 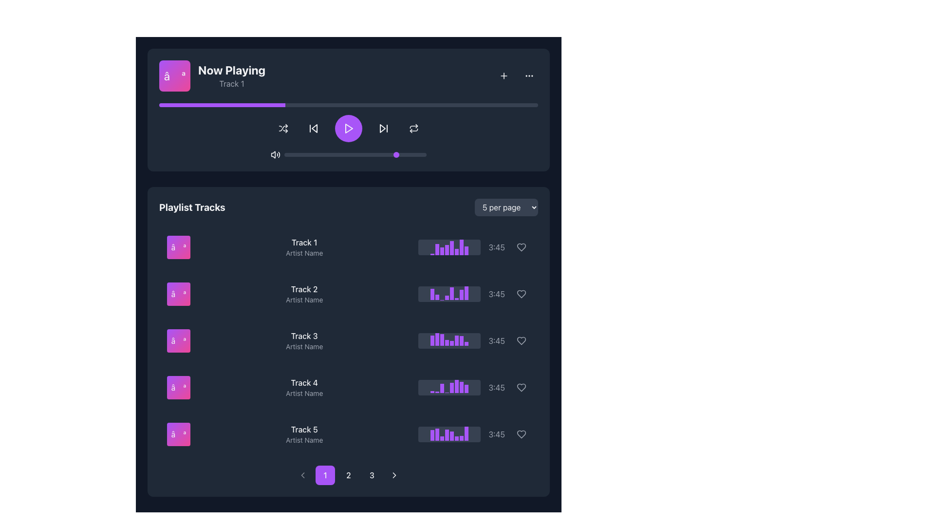 What do you see at coordinates (506, 207) in the screenshot?
I see `the dropdown menu labeled '5 per page' with a dark gray rounded background` at bounding box center [506, 207].